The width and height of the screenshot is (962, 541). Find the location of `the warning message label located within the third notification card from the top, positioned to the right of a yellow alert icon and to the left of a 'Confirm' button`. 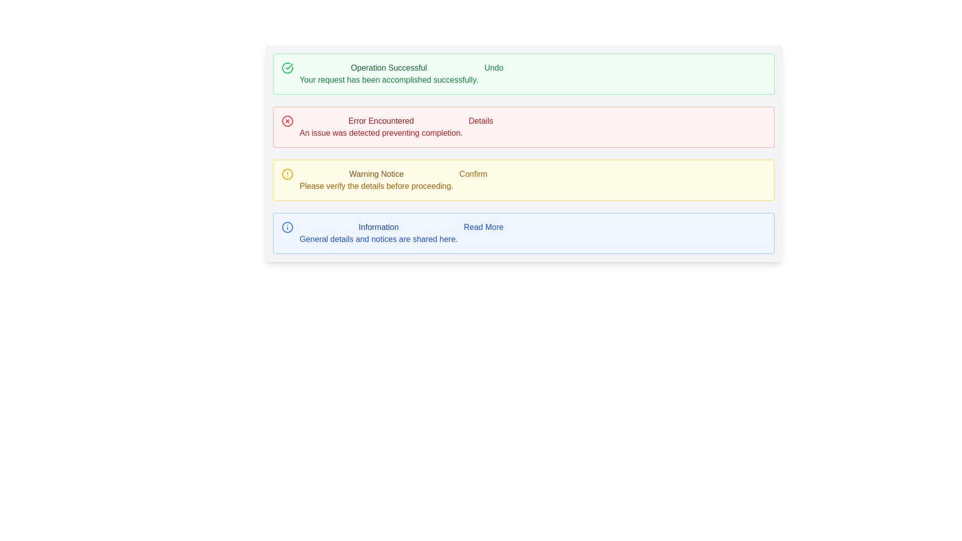

the warning message label located within the third notification card from the top, positioned to the right of a yellow alert icon and to the left of a 'Confirm' button is located at coordinates (376, 179).